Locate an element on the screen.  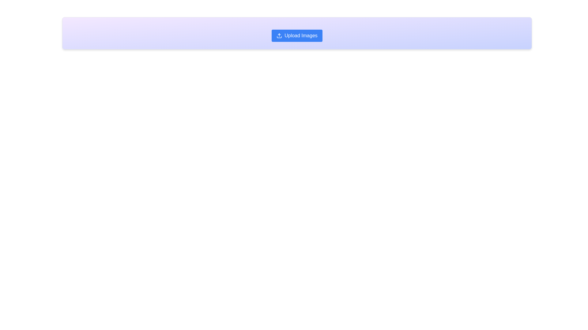
the 'Upload Images' button element for keyboard navigation is located at coordinates (297, 35).